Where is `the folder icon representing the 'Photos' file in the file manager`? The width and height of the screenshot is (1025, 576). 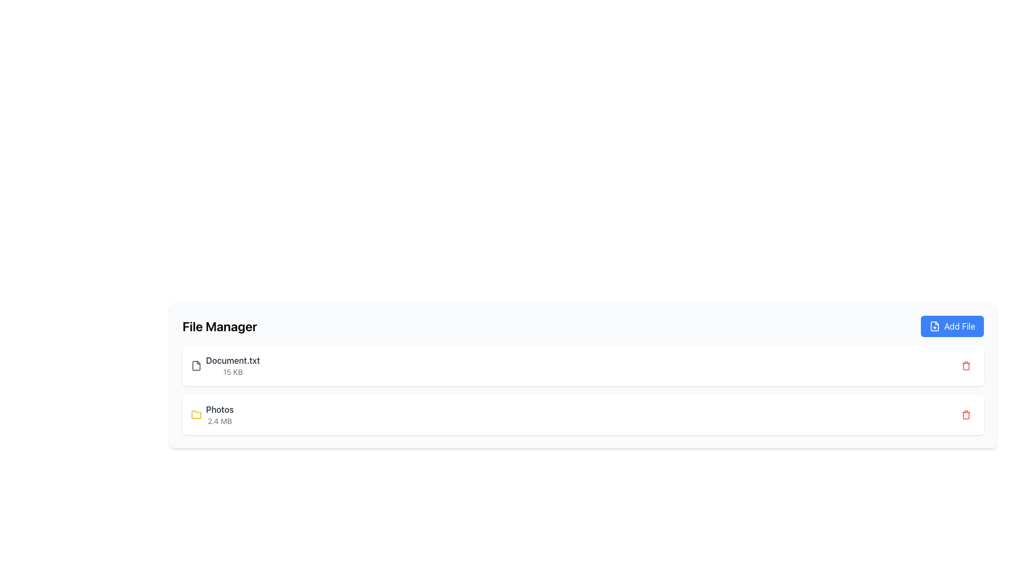 the folder icon representing the 'Photos' file in the file manager is located at coordinates (196, 414).